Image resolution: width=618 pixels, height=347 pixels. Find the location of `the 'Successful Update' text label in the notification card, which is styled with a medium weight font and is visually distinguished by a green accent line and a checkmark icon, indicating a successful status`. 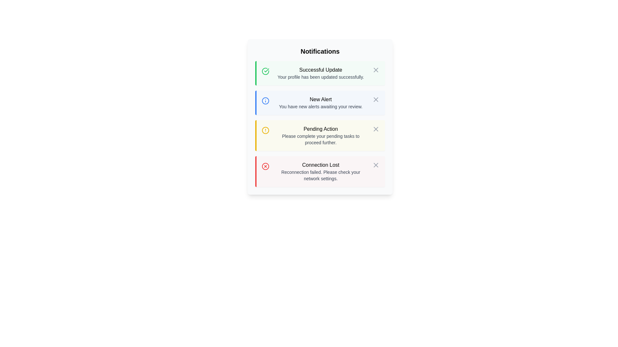

the 'Successful Update' text label in the notification card, which is styled with a medium weight font and is visually distinguished by a green accent line and a checkmark icon, indicating a successful status is located at coordinates (321, 70).